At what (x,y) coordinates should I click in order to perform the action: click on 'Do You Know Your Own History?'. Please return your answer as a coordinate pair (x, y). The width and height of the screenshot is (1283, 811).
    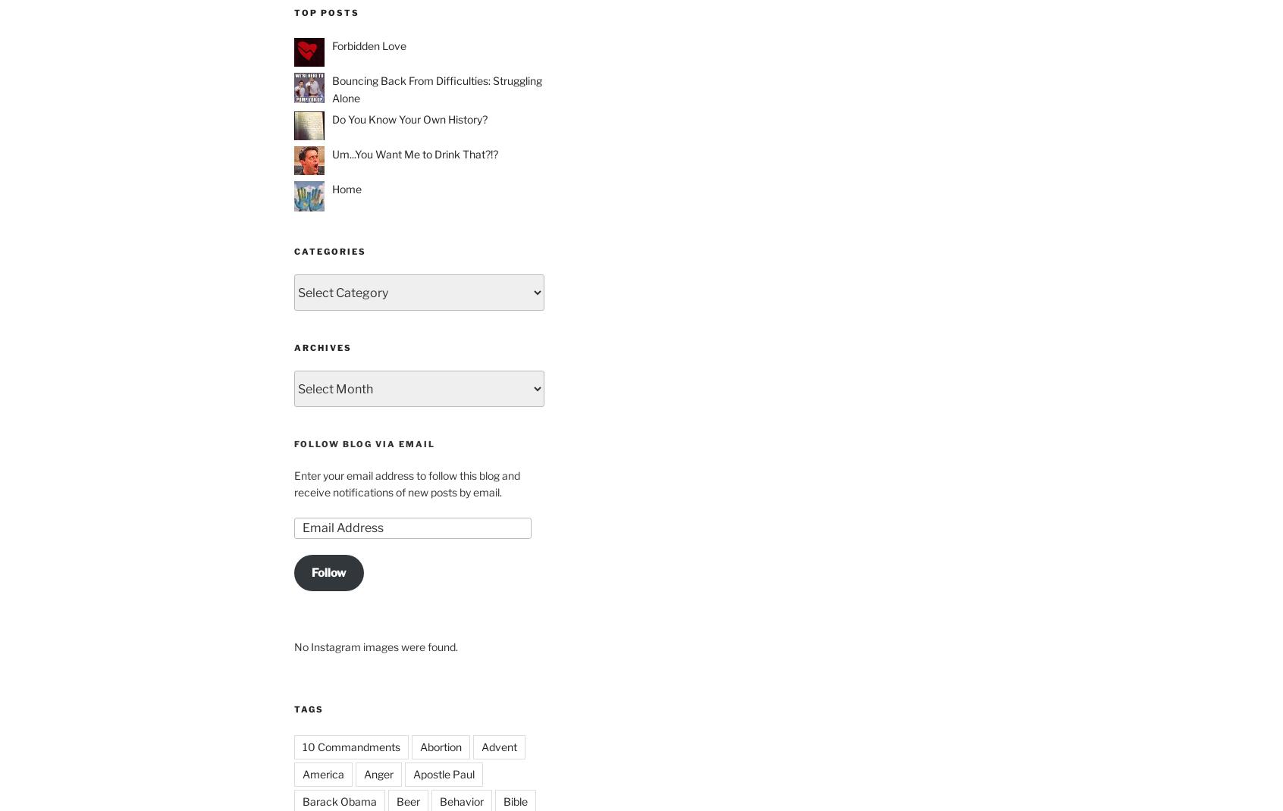
    Looking at the image, I should click on (409, 119).